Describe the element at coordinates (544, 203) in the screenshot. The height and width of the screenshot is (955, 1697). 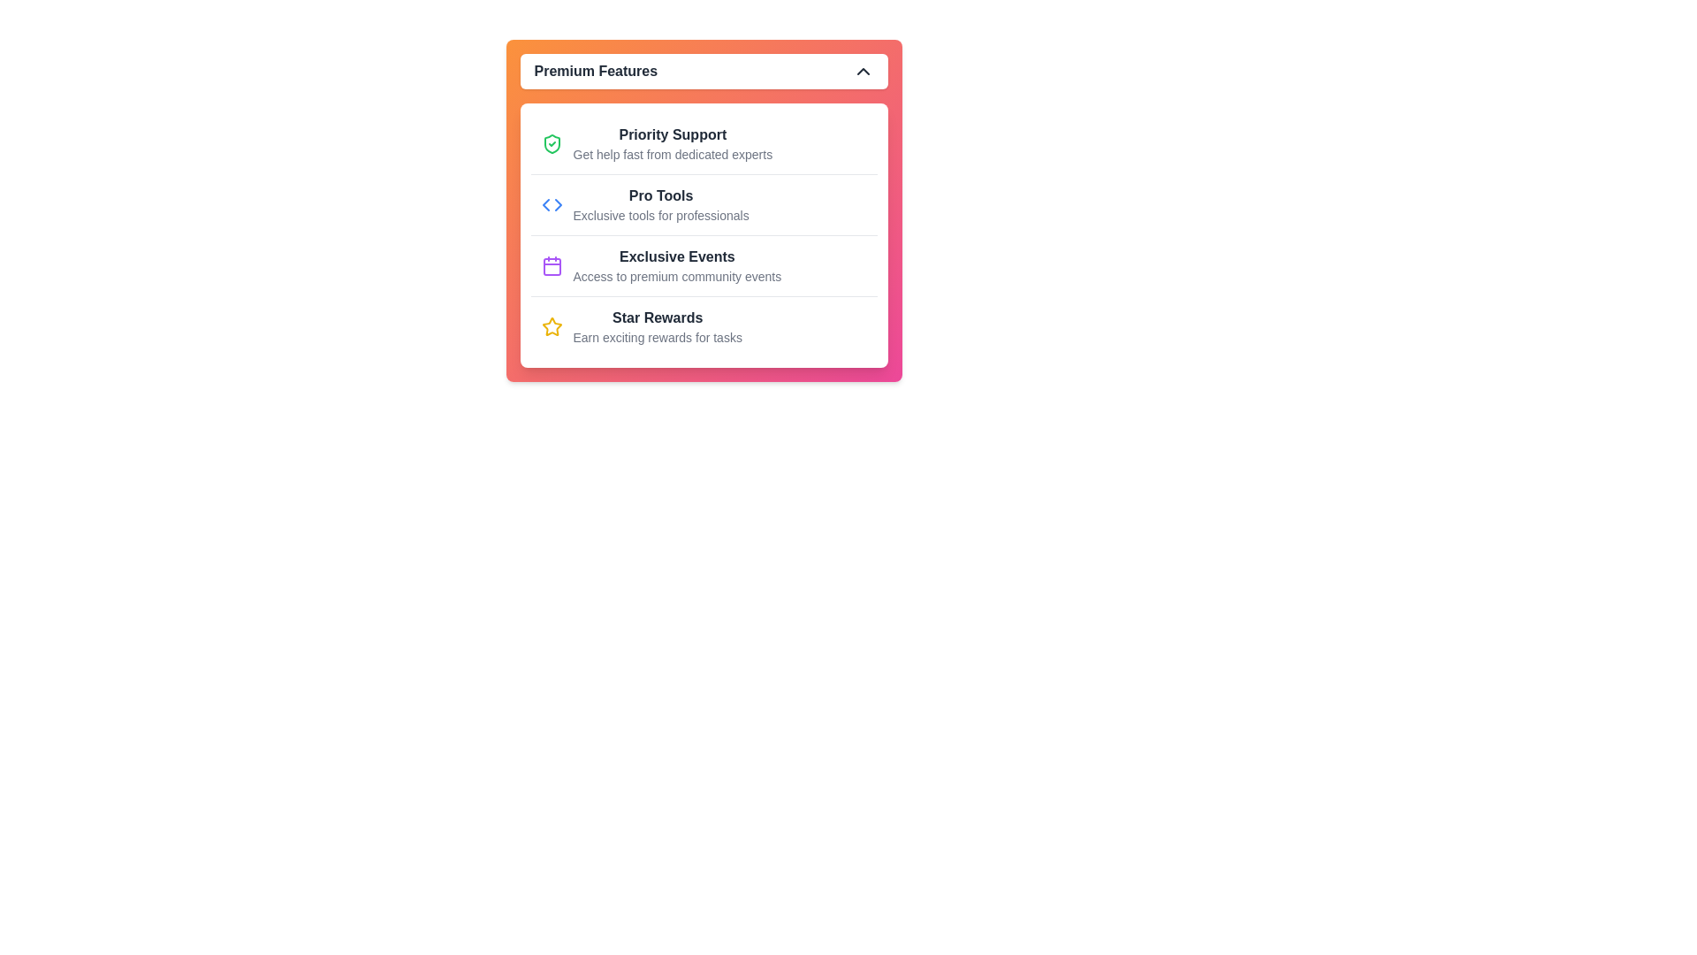
I see `the leftward-pointing part of the decorative code-bracket icon that is positioned beside the 'Pro Tools' option in the second row of options` at that location.